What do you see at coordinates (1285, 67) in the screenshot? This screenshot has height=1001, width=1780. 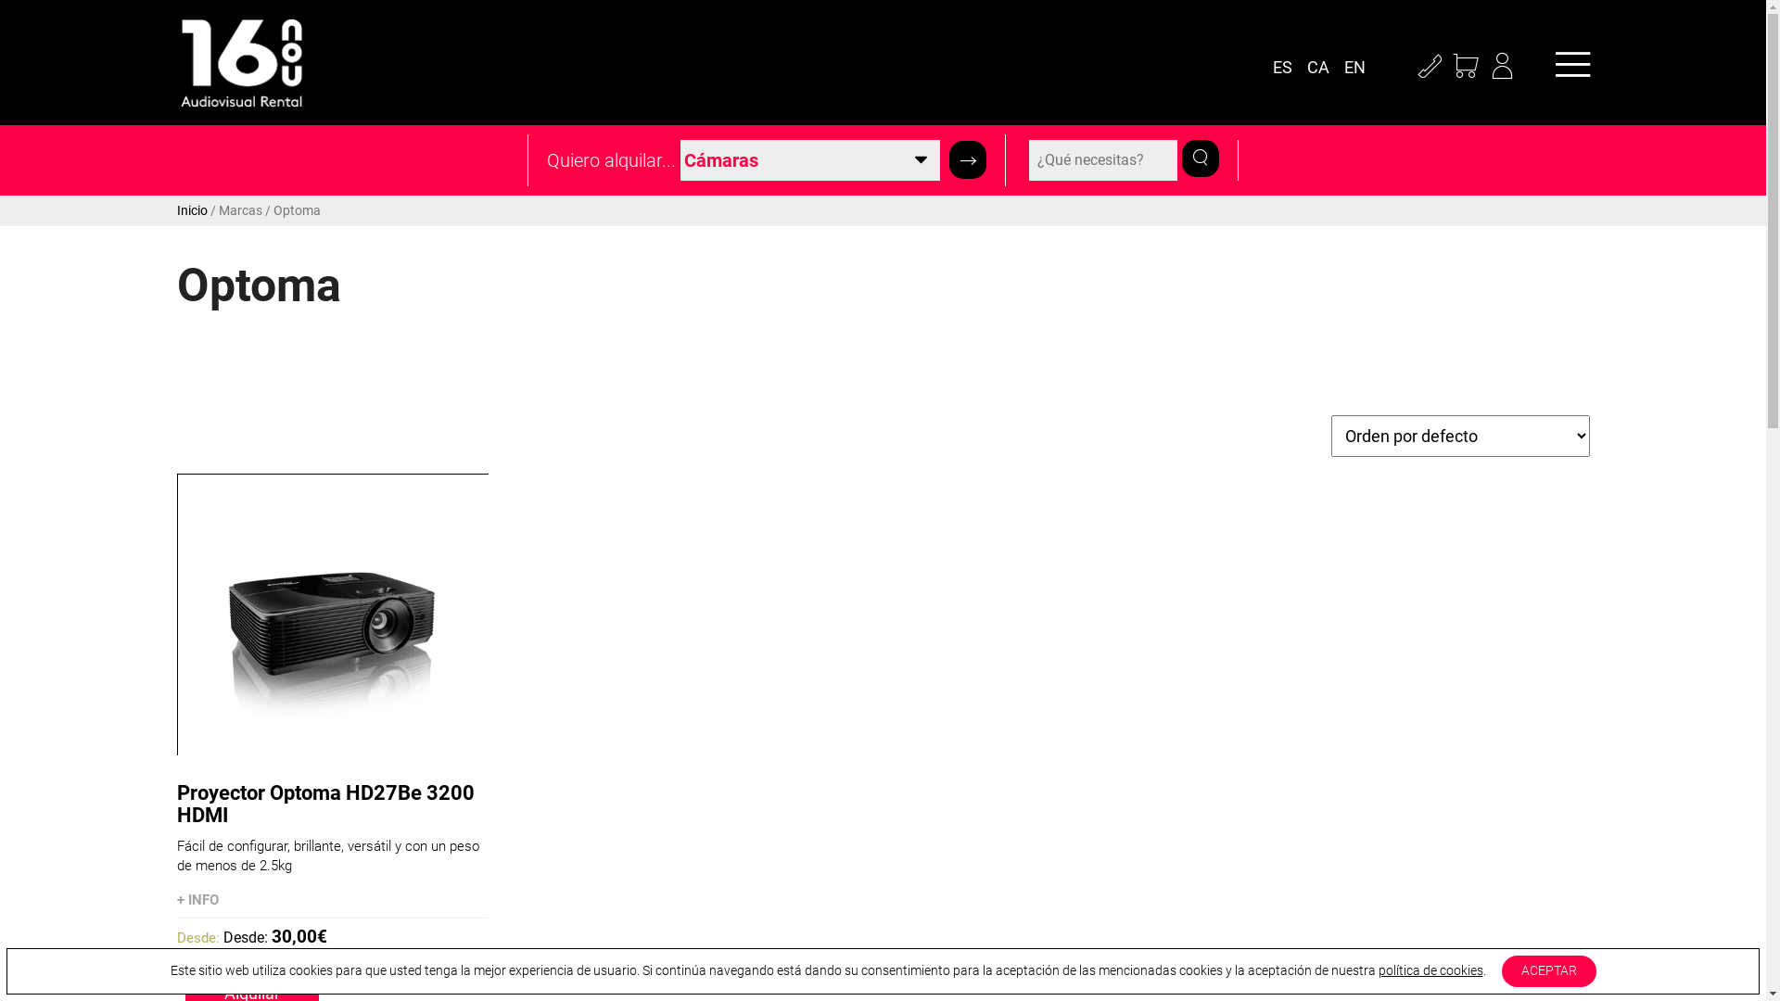 I see `'ES'` at bounding box center [1285, 67].